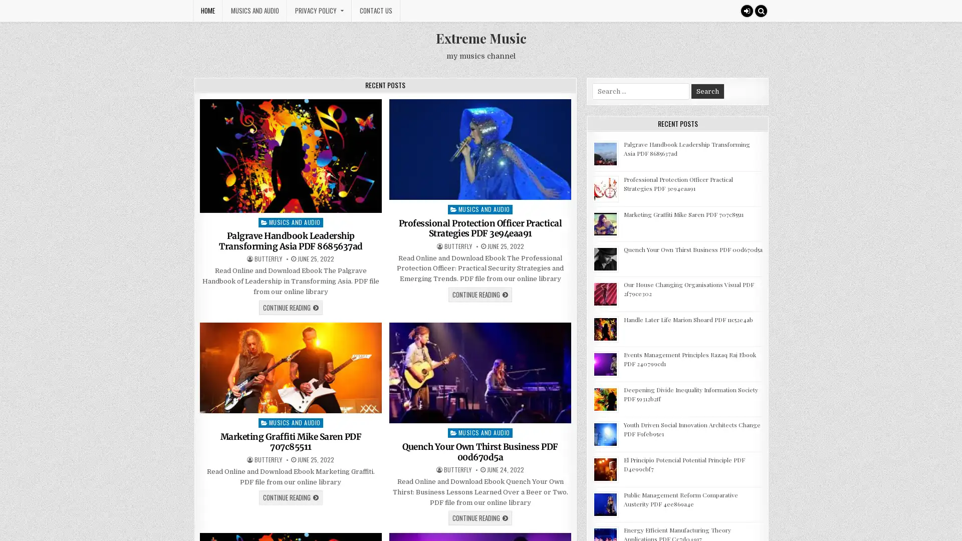 This screenshot has width=962, height=541. I want to click on Search, so click(707, 91).